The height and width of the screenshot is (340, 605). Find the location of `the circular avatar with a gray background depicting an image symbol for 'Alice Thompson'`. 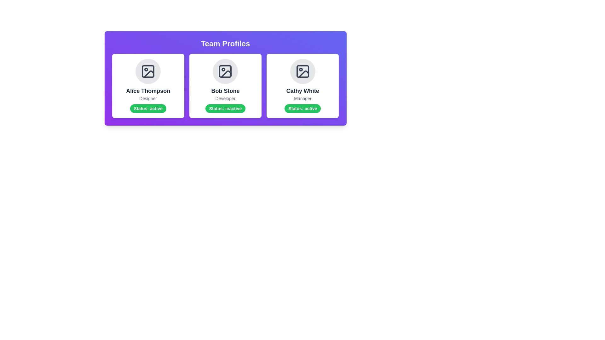

the circular avatar with a gray background depicting an image symbol for 'Alice Thompson' is located at coordinates (148, 71).